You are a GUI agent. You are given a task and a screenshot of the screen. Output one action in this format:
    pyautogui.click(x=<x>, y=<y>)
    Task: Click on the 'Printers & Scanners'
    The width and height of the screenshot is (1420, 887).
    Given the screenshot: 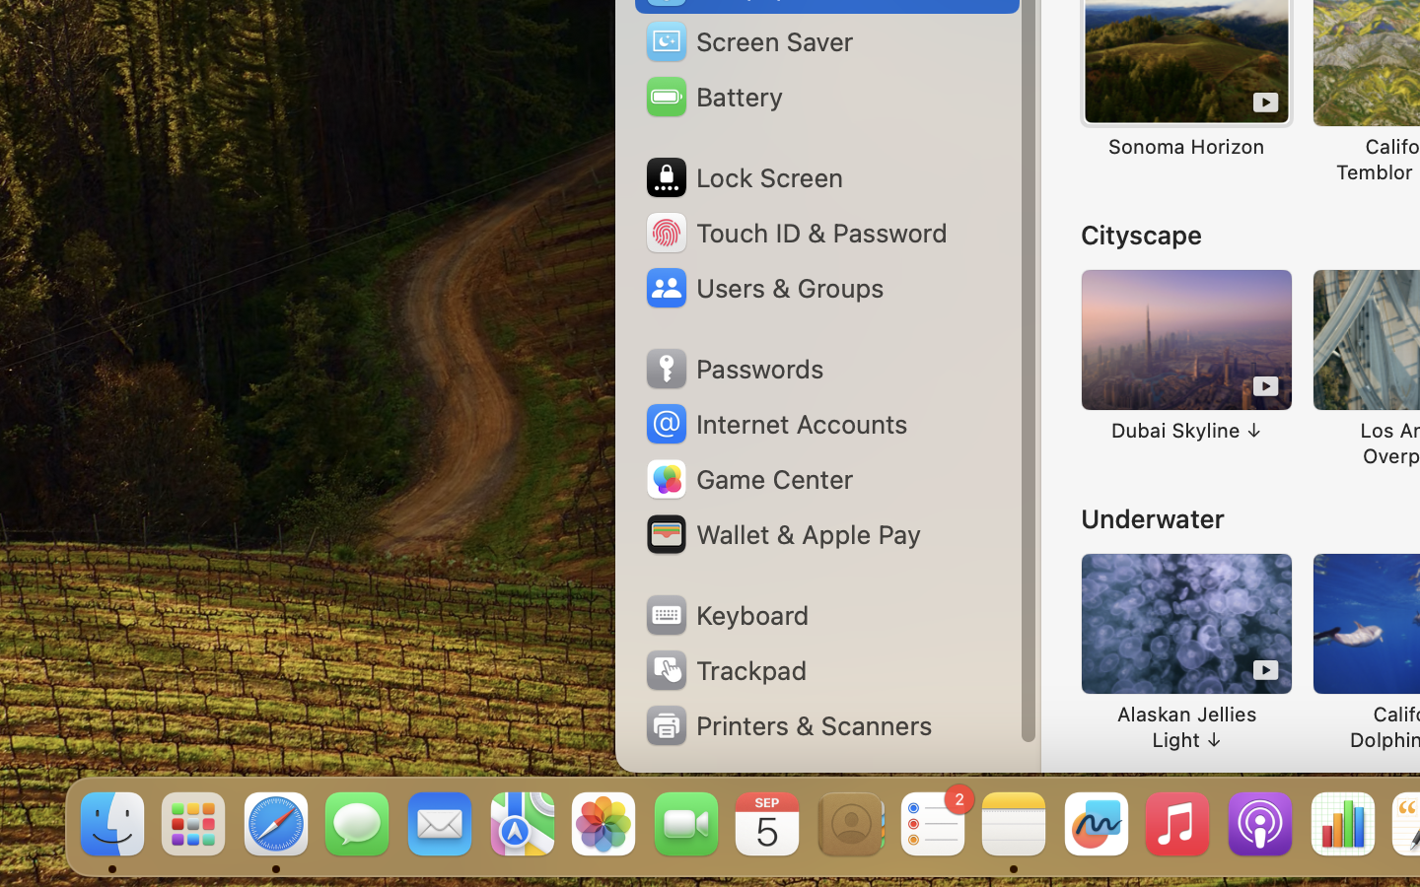 What is the action you would take?
    pyautogui.click(x=788, y=724)
    